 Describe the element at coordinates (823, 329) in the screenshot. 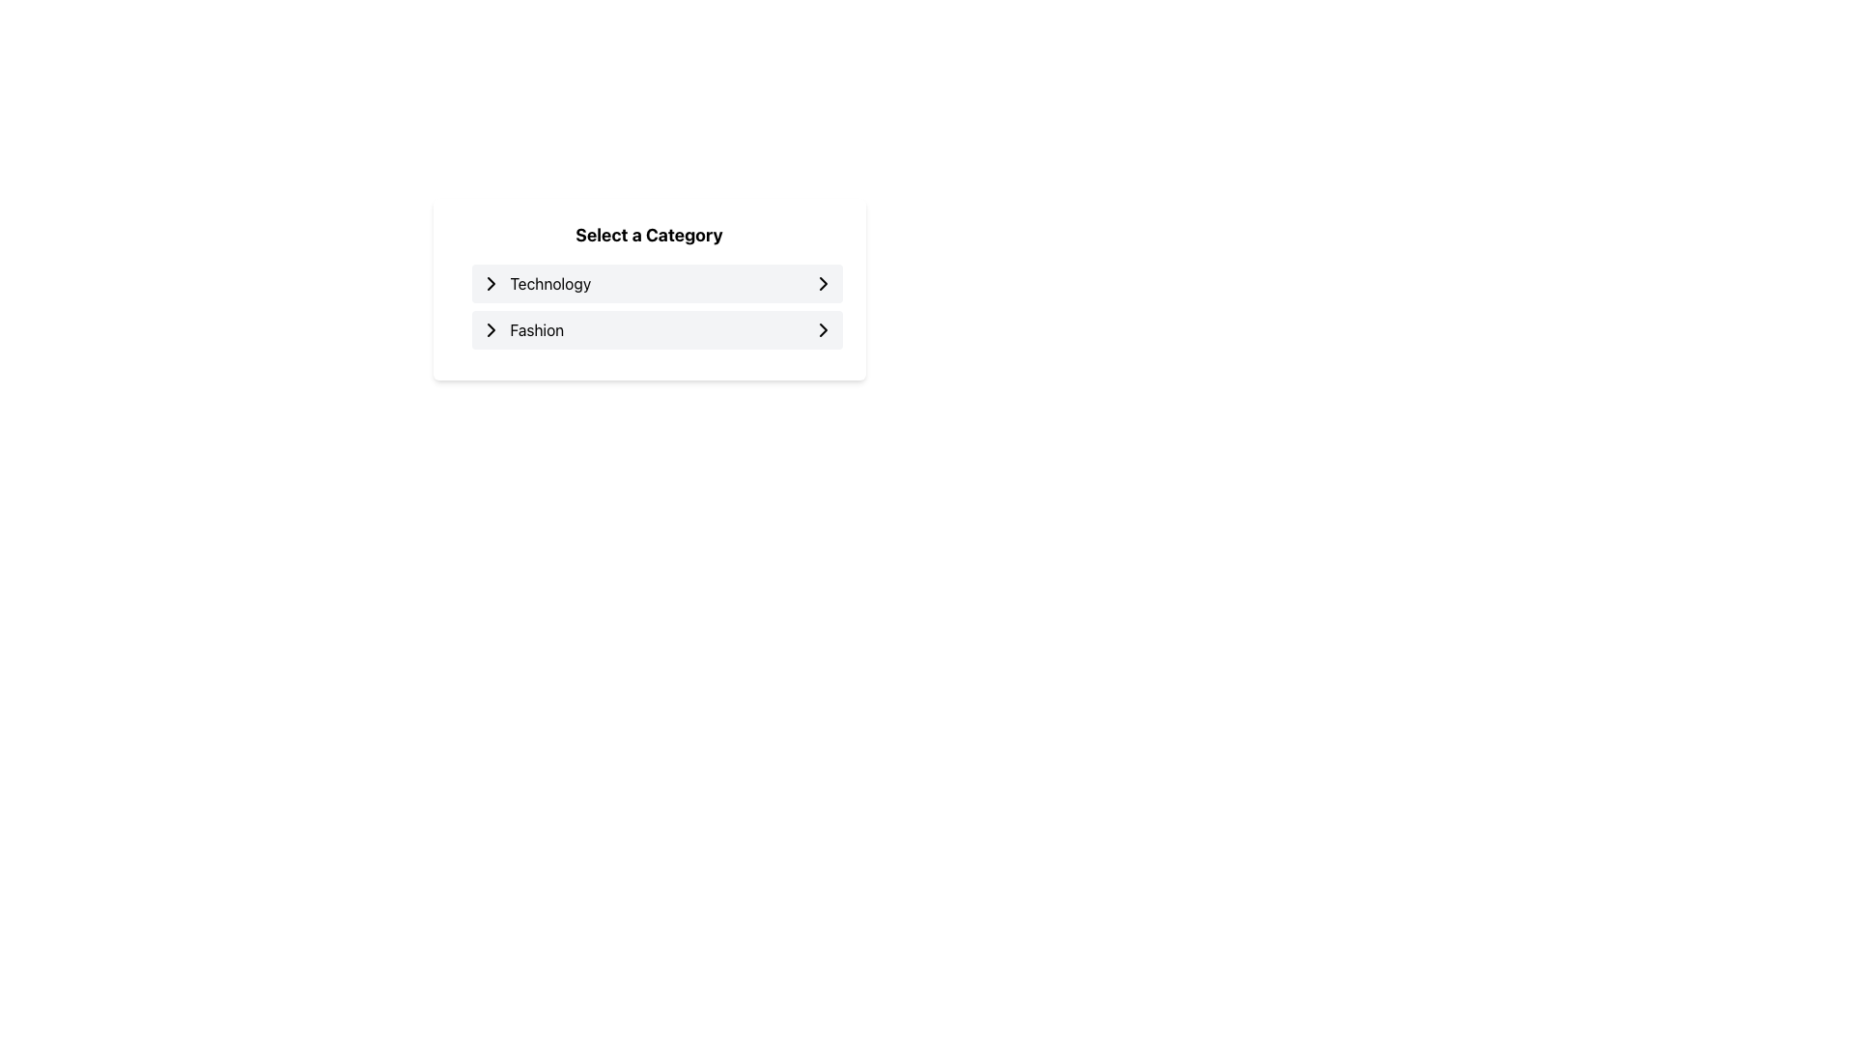

I see `the chevron icon (right arrow) next to the 'Fashion' category label in the category selection interface` at that location.